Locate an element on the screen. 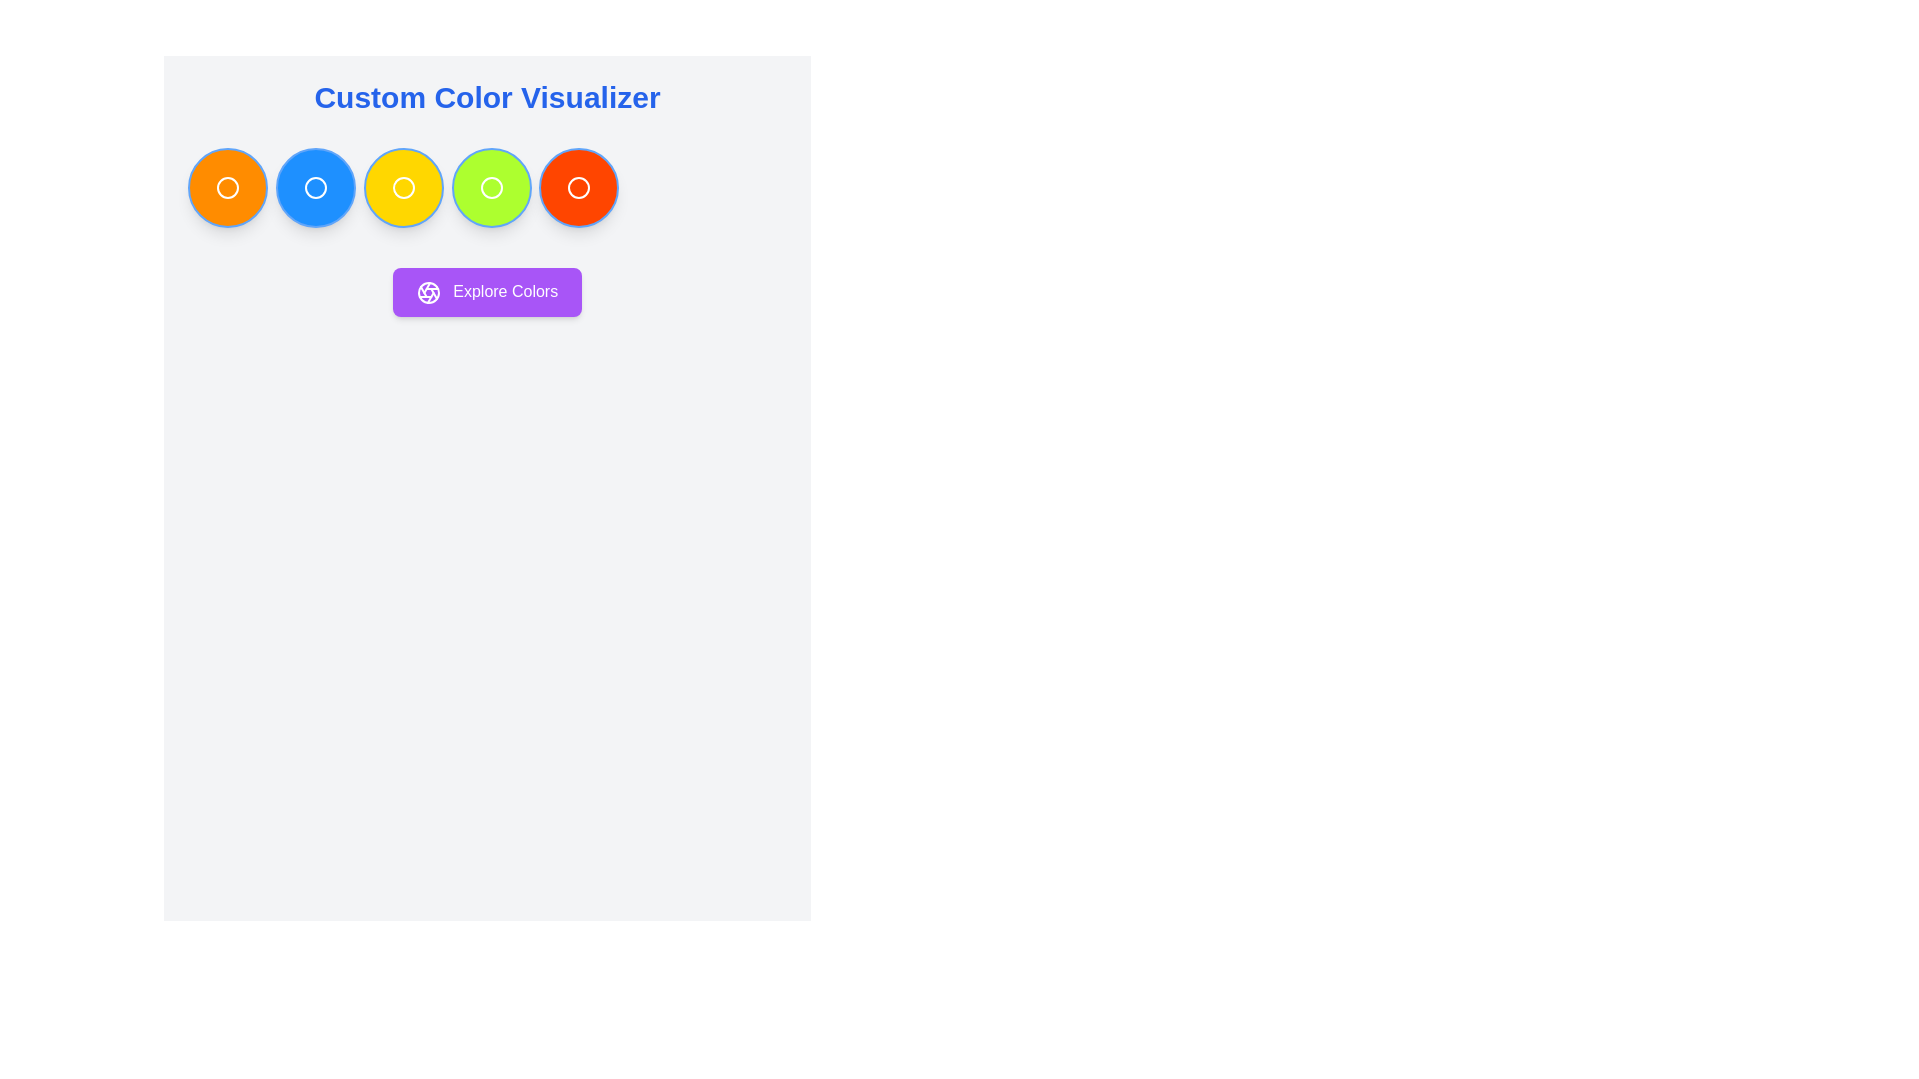 This screenshot has width=1919, height=1079. the fourth SVG Circle in the sequence of five, which has a radius of 10 units and is part of the 'Custom Color Visualizer' section is located at coordinates (491, 188).